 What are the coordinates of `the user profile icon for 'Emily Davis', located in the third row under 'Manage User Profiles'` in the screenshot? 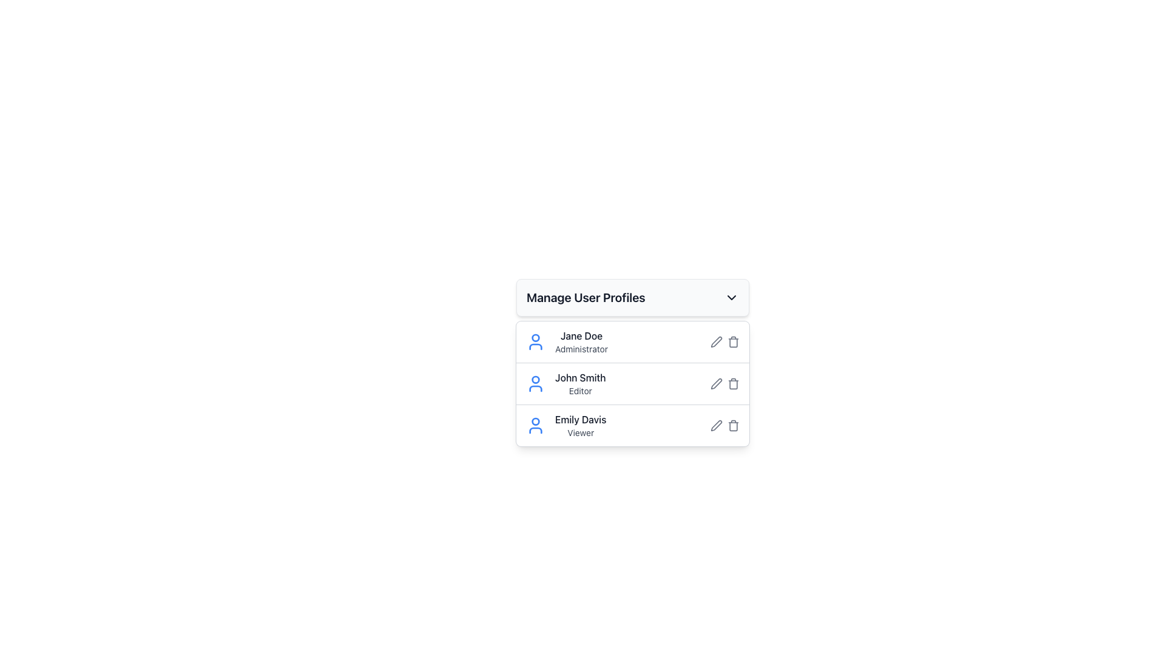 It's located at (535, 425).